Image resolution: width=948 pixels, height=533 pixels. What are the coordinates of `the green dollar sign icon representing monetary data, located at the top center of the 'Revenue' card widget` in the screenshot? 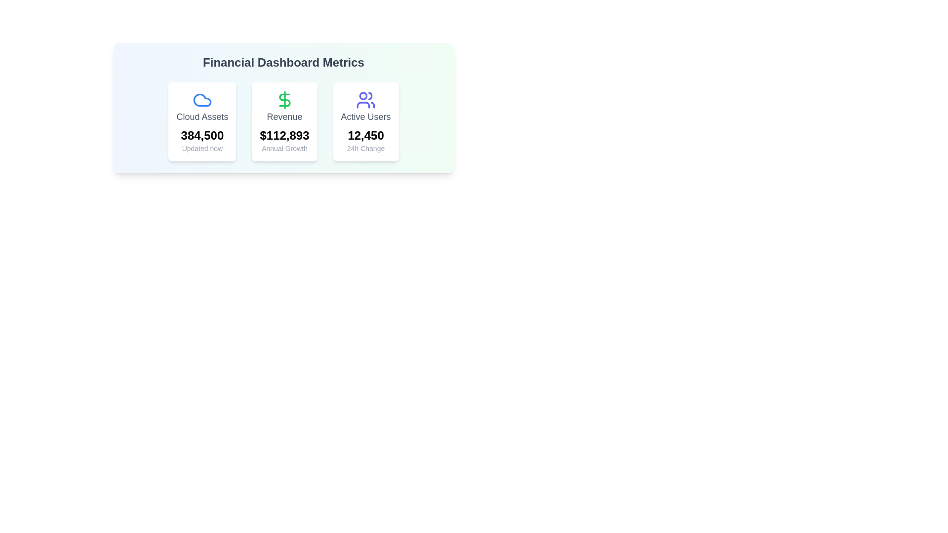 It's located at (284, 100).